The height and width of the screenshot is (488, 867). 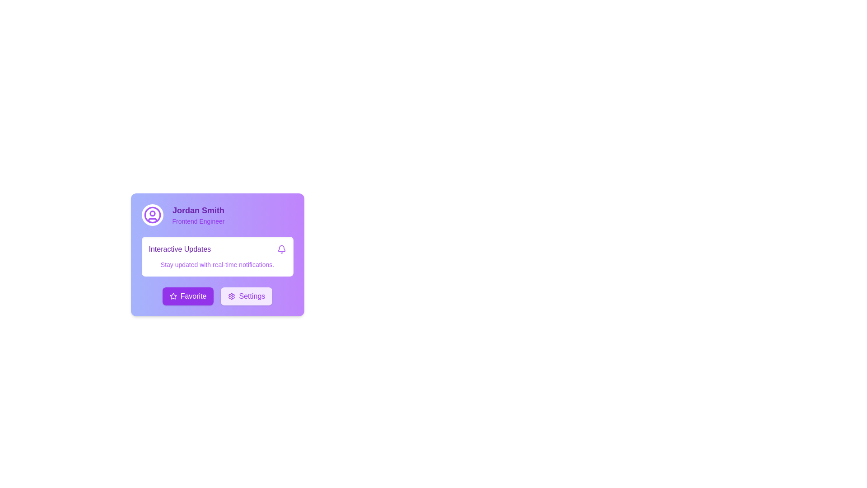 I want to click on the inner circular profile icon located at the top-left section of the card component, so click(x=152, y=213).